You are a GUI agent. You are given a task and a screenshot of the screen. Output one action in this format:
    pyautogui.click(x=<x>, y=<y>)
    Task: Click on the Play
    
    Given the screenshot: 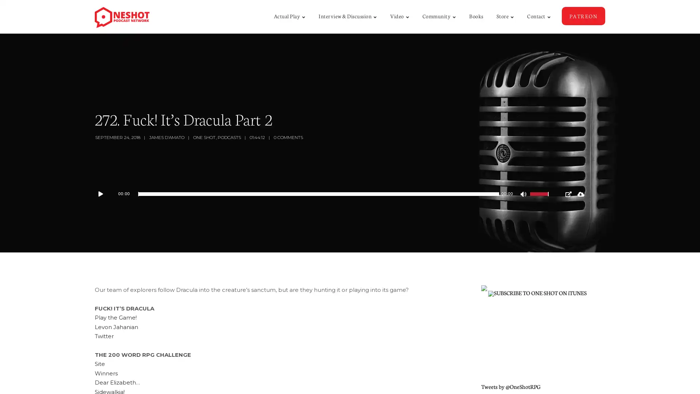 What is the action you would take?
    pyautogui.click(x=104, y=194)
    